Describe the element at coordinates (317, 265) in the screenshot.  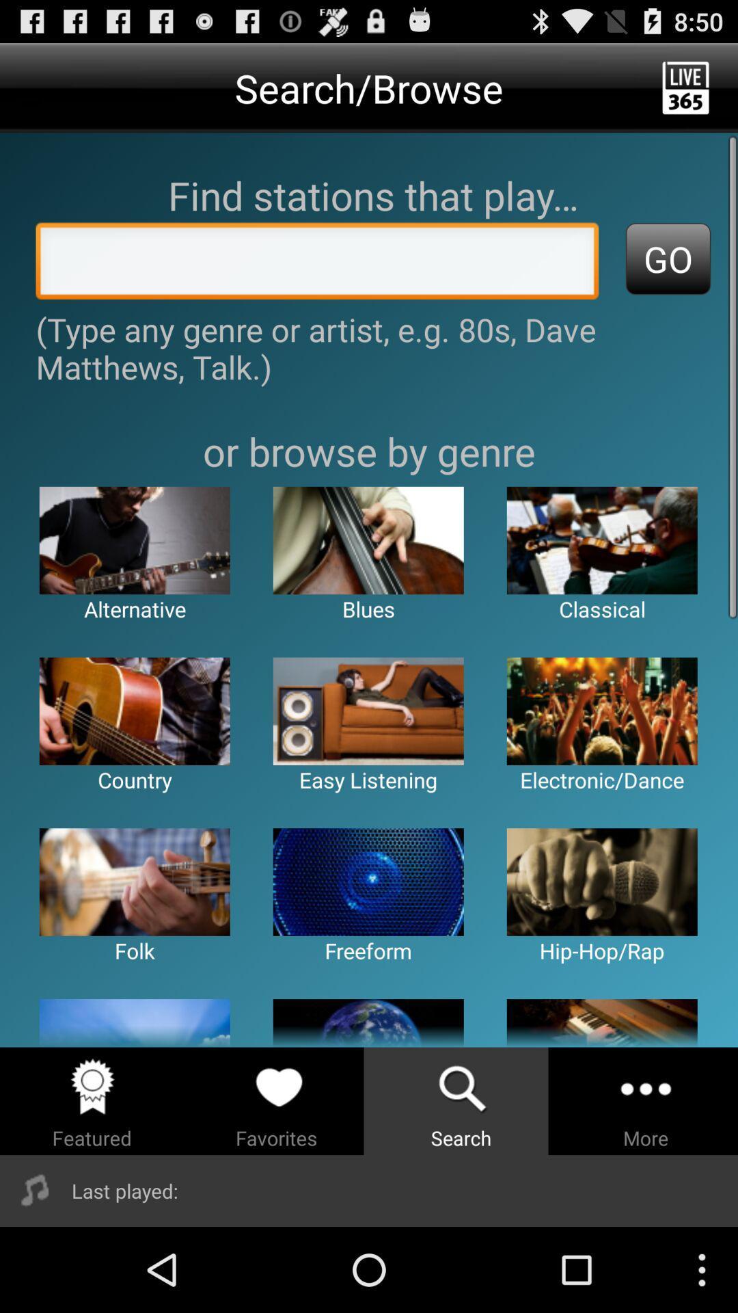
I see `search query` at that location.